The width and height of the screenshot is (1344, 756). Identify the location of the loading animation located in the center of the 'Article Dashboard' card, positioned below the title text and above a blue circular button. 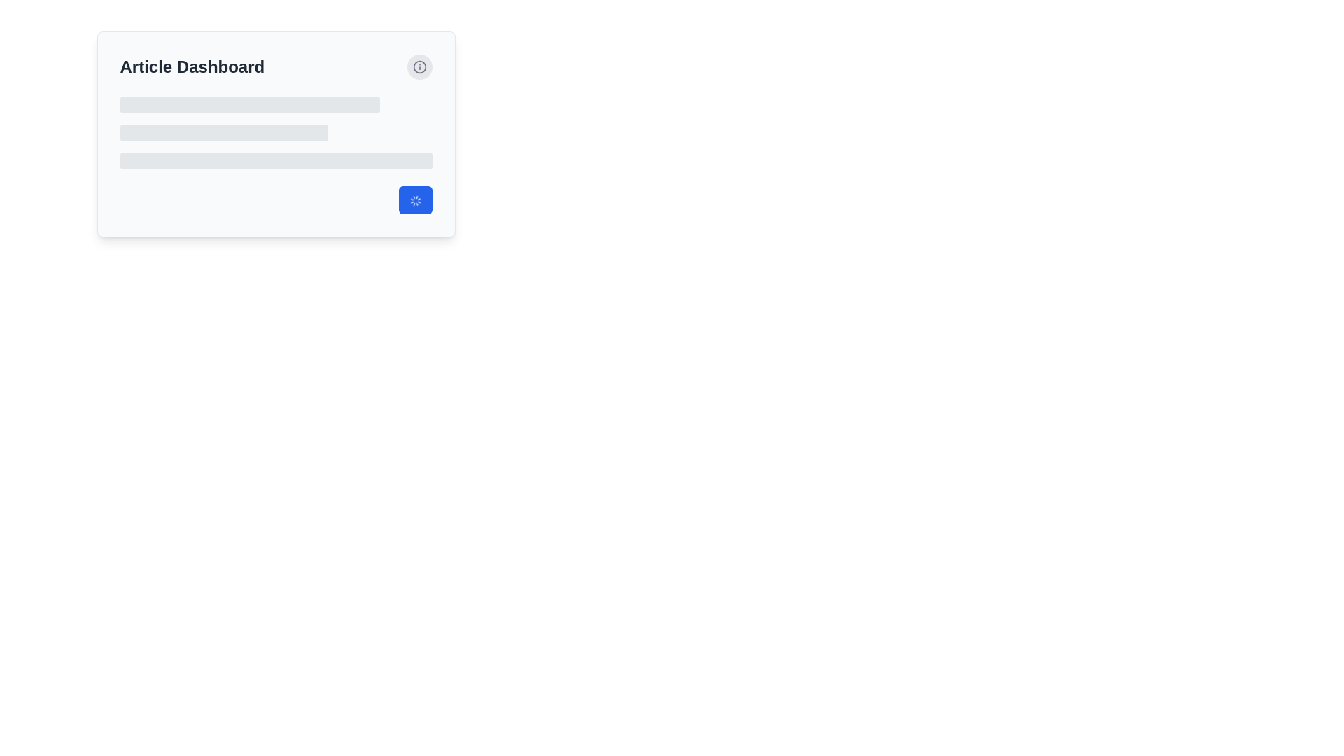
(276, 132).